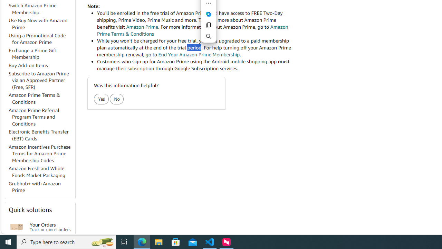  Describe the element at coordinates (41, 9) in the screenshot. I see `'Switch Amazon Prime Membership'` at that location.